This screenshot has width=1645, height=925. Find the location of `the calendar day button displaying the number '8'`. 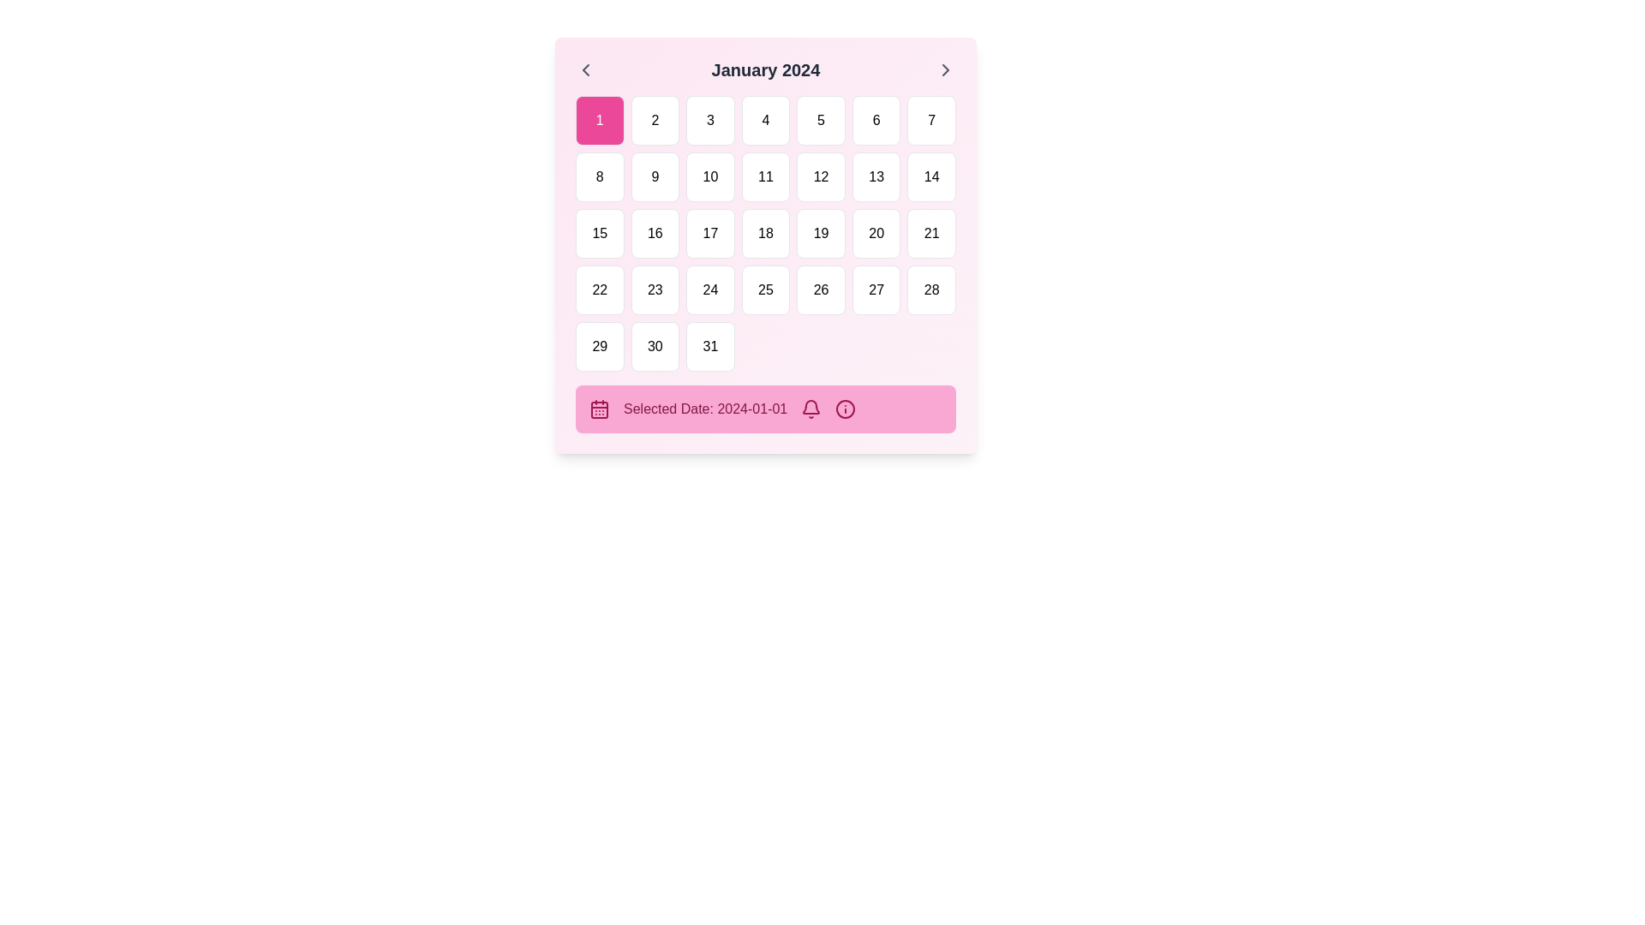

the calendar day button displaying the number '8' is located at coordinates (600, 177).